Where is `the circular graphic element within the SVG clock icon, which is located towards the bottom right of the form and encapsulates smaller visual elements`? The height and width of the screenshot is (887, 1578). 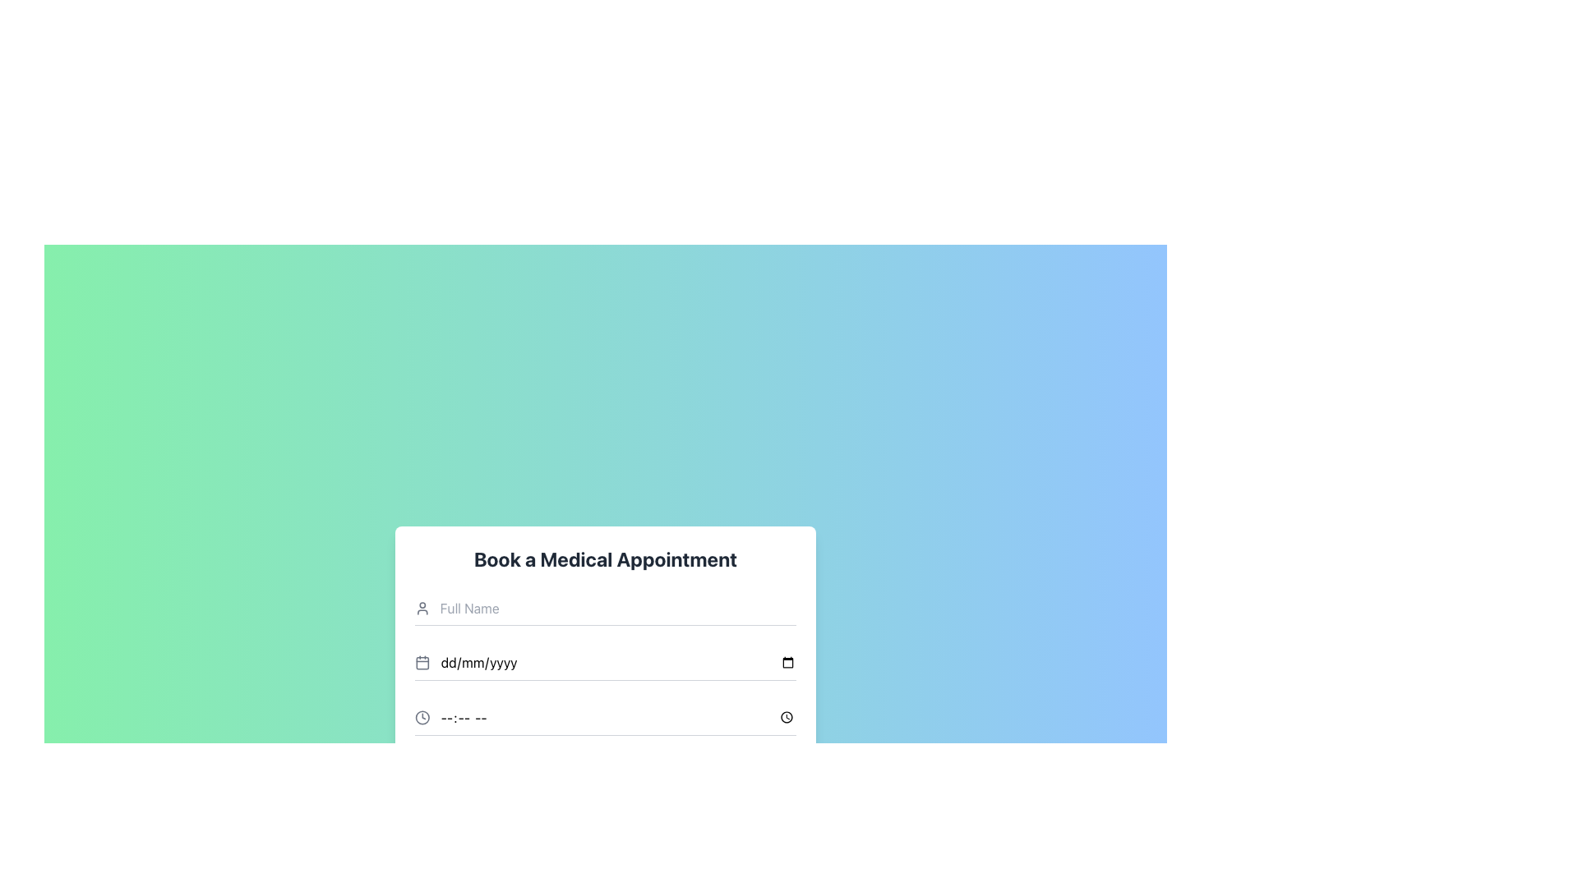 the circular graphic element within the SVG clock icon, which is located towards the bottom right of the form and encapsulates smaller visual elements is located at coordinates (422, 716).